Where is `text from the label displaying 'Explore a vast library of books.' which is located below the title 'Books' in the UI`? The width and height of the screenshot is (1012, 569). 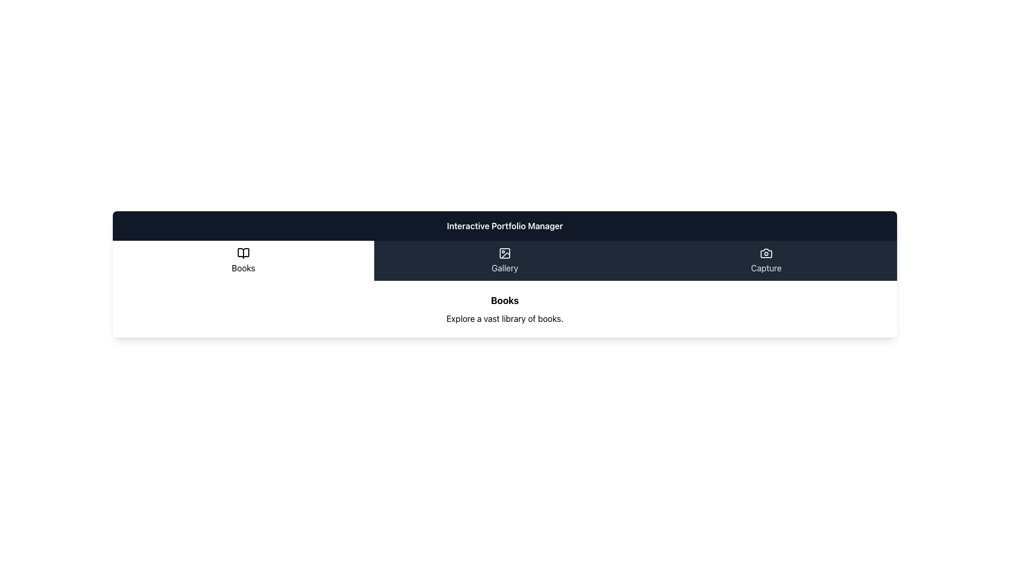
text from the label displaying 'Explore a vast library of books.' which is located below the title 'Books' in the UI is located at coordinates (504, 318).